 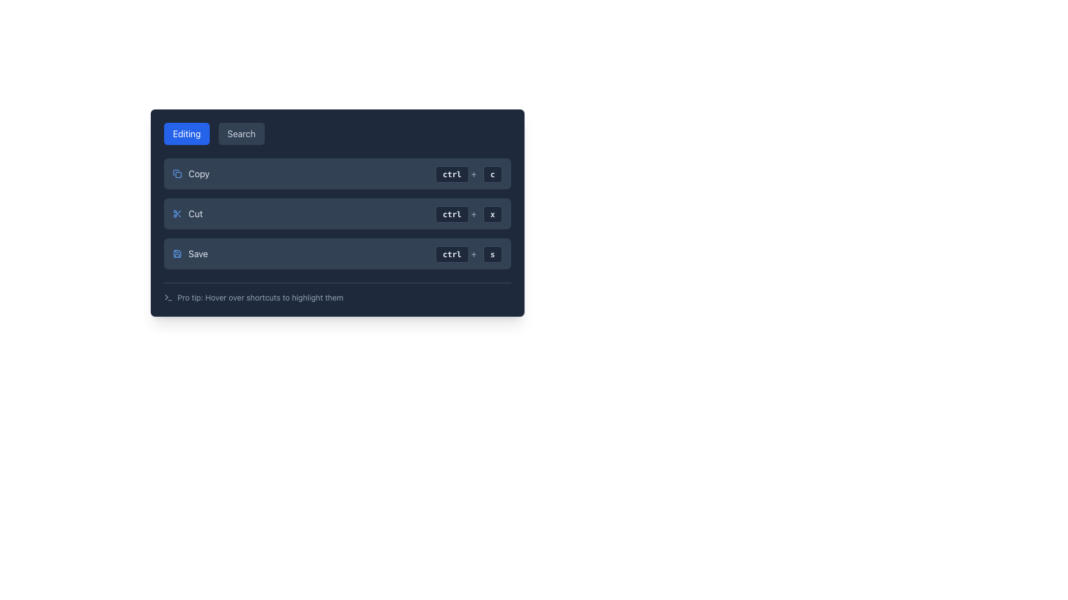 I want to click on the 'x' button in the shortcut list for the 'Cut' action, located in the second row adjacent to the '+' sign and following the 'ctrl' button, so click(x=492, y=214).